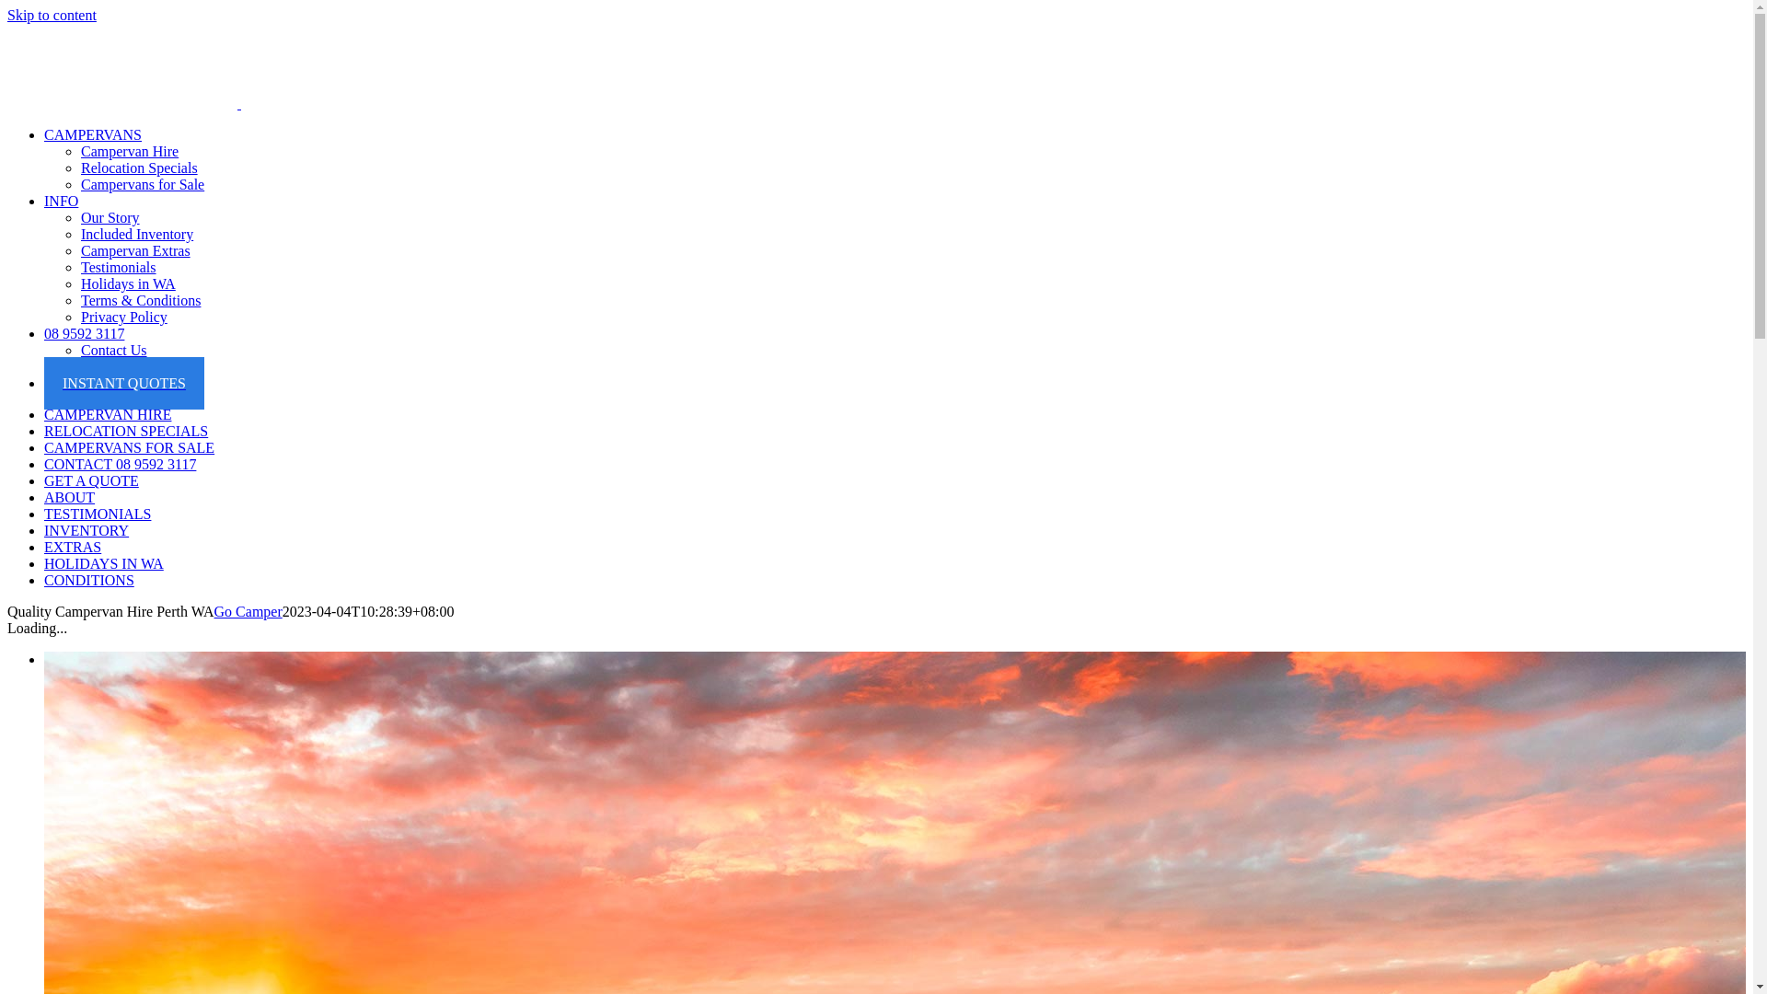 This screenshot has width=1767, height=994. I want to click on 'Privacy Policy', so click(122, 316).